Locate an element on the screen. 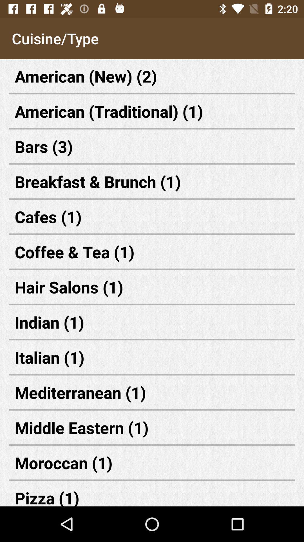  coffee & tea (1) item is located at coordinates (152, 252).